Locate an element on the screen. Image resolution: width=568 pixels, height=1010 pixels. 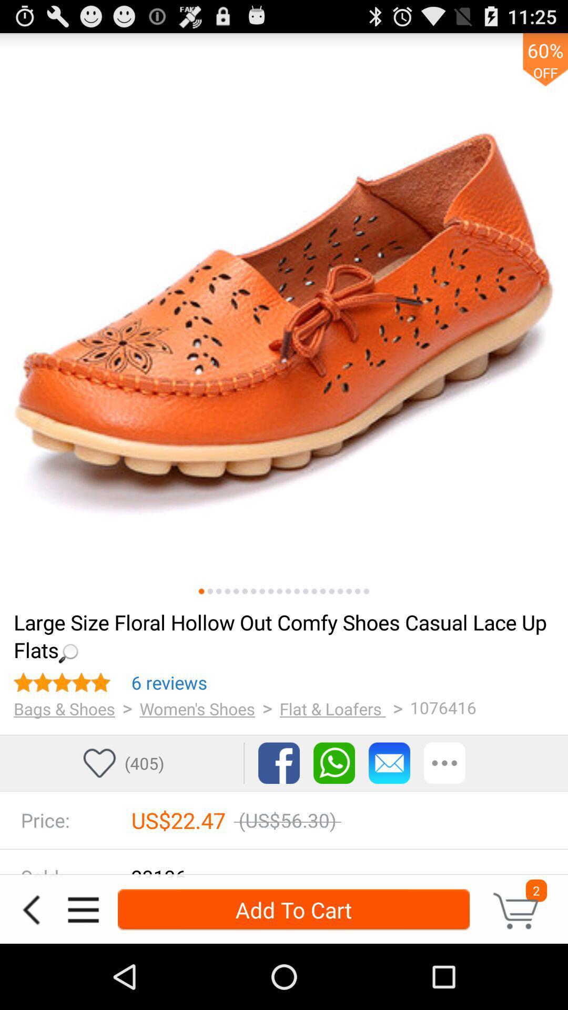
other options of sharing is located at coordinates (444, 763).